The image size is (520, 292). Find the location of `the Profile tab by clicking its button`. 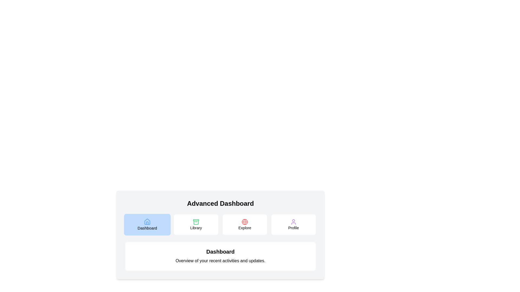

the Profile tab by clicking its button is located at coordinates (293, 224).